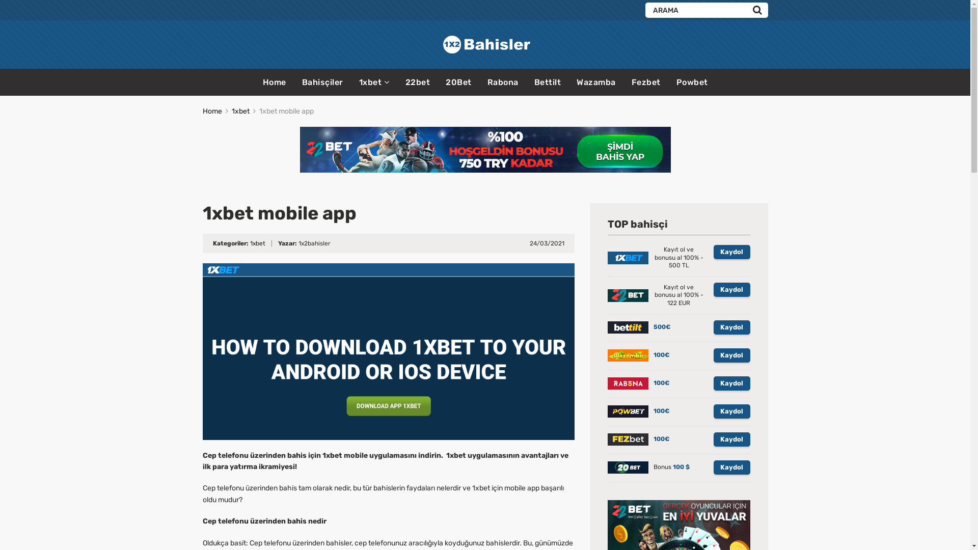  What do you see at coordinates (730, 383) in the screenshot?
I see `'Kaydol'` at bounding box center [730, 383].